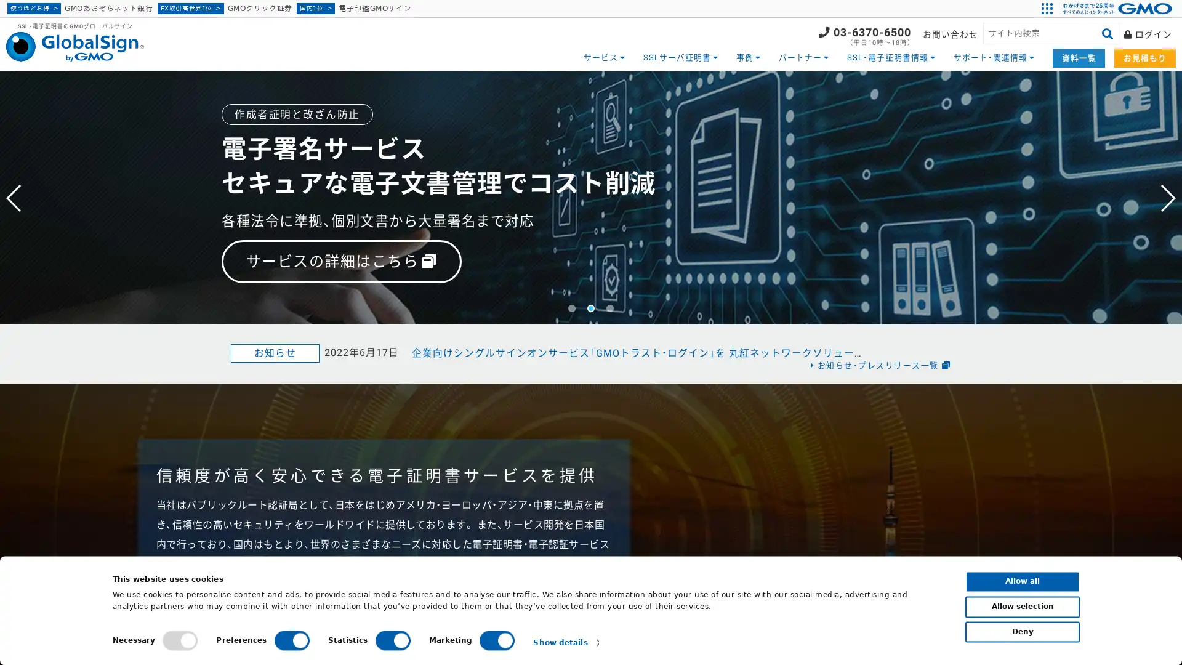  Describe the element at coordinates (1022, 606) in the screenshot. I see `Allow selection` at that location.